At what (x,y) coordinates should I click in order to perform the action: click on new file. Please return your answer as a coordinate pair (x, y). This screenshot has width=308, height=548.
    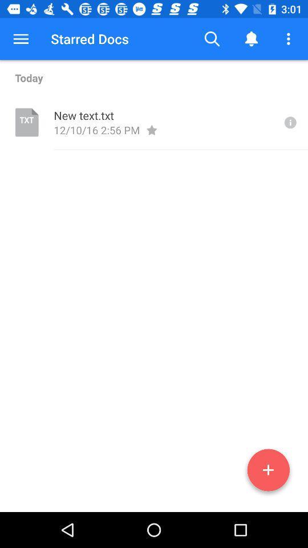
    Looking at the image, I should click on (268, 472).